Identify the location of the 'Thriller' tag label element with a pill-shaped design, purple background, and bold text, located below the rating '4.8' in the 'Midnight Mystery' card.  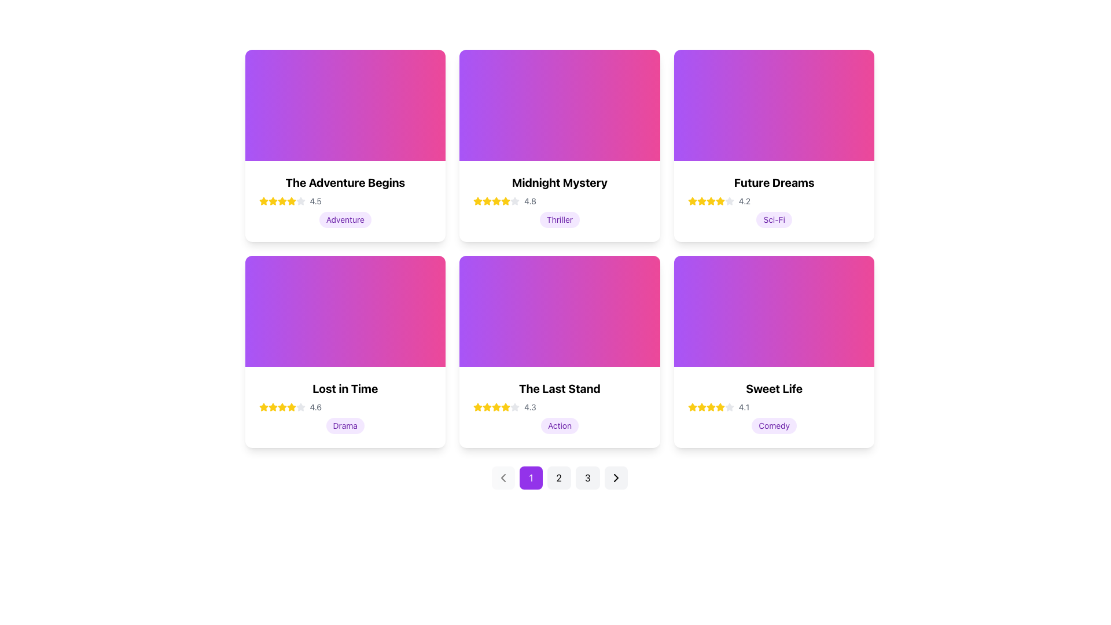
(560, 220).